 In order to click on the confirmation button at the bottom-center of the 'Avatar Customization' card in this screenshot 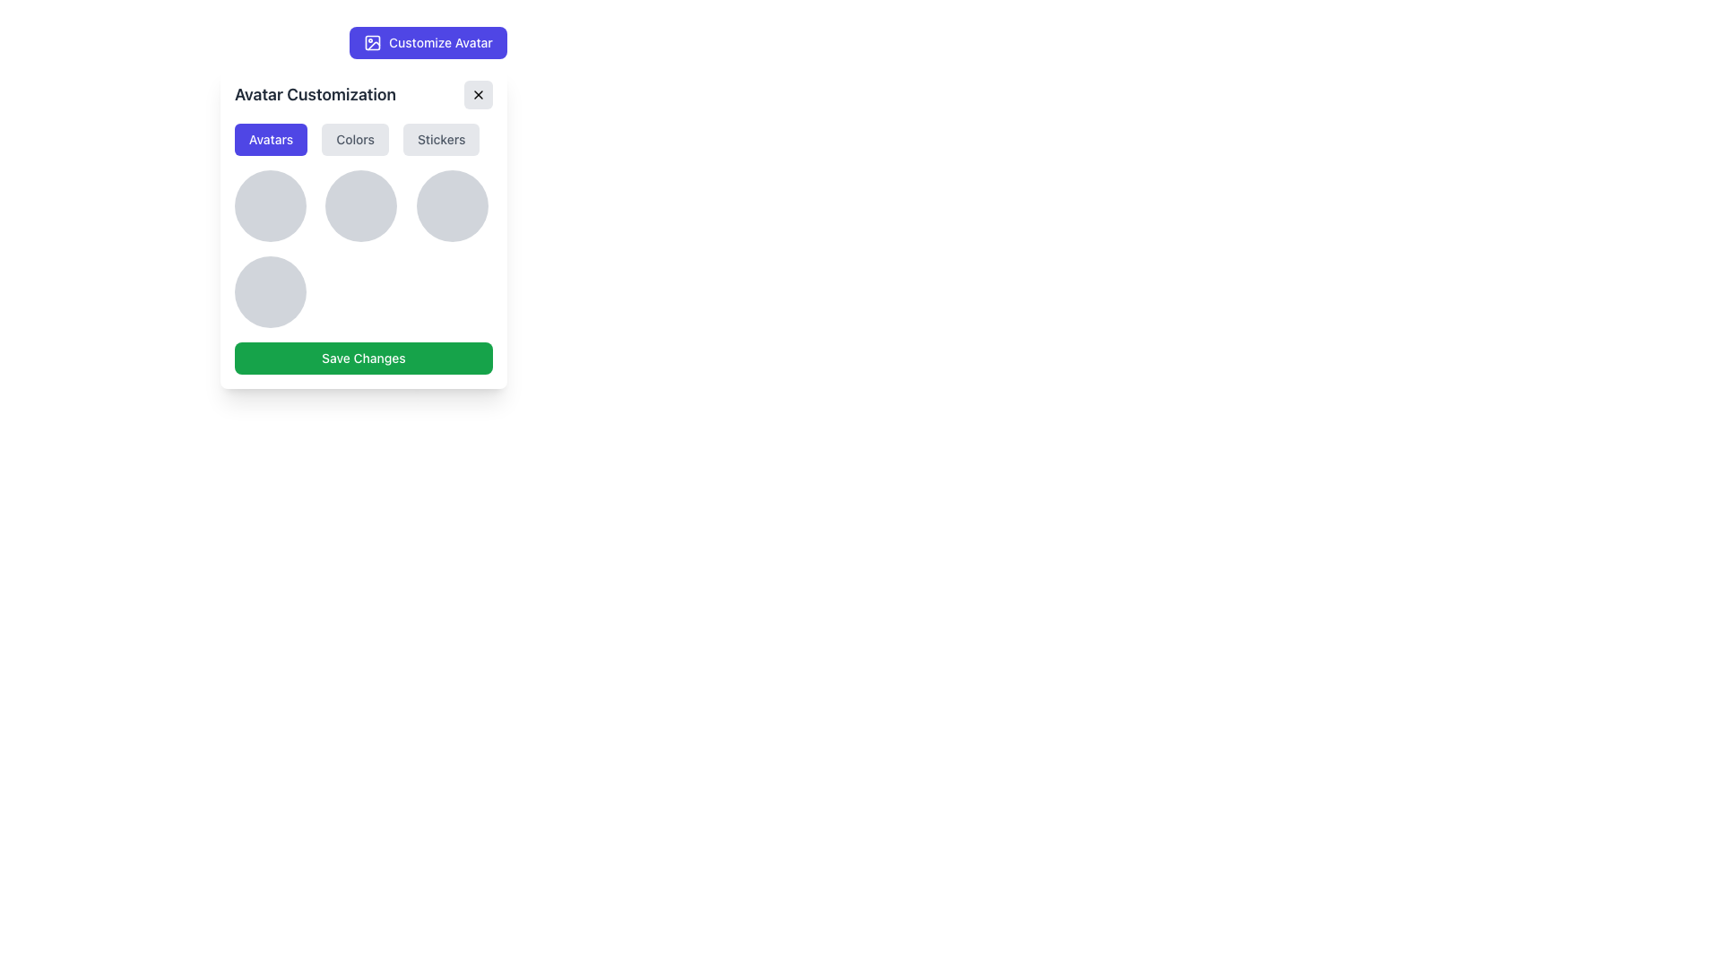, I will do `click(362, 359)`.